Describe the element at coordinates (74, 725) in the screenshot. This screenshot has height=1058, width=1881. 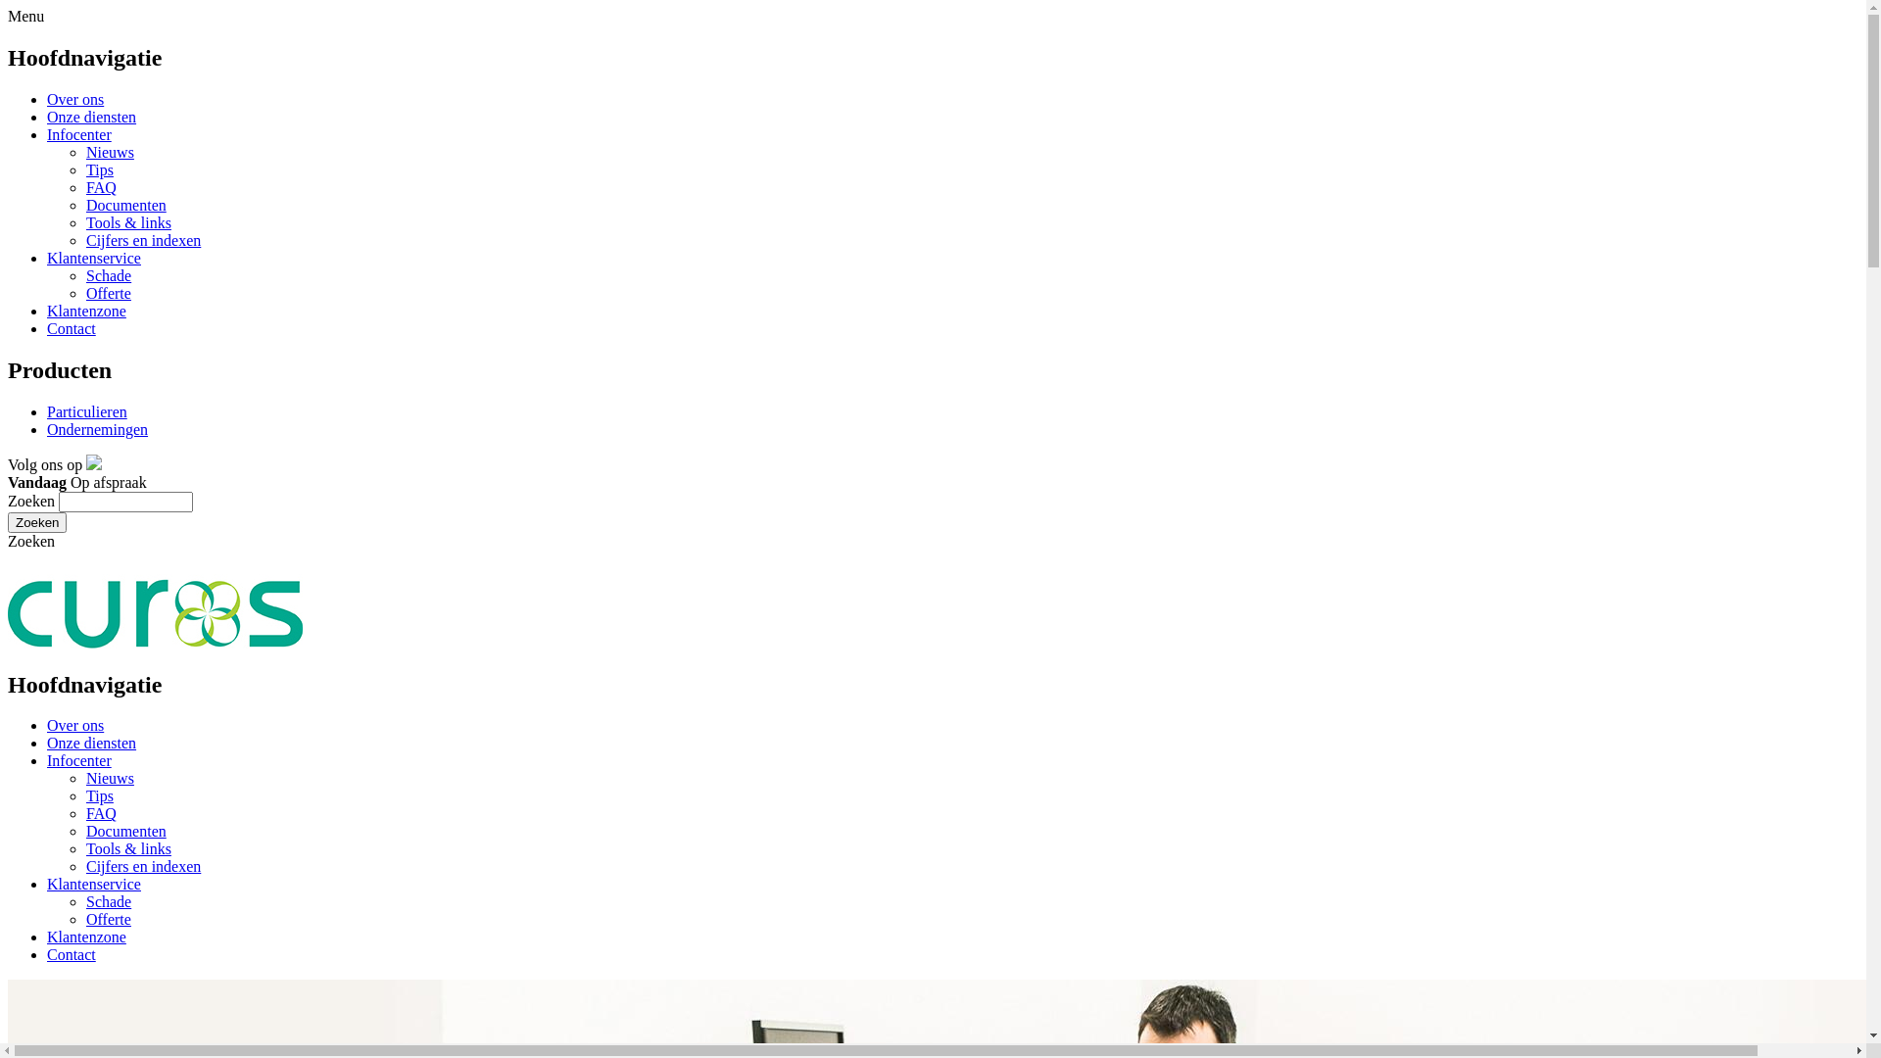
I see `'Over ons'` at that location.